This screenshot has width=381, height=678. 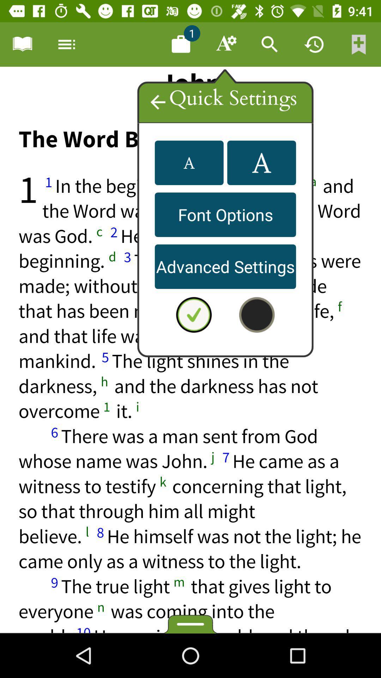 What do you see at coordinates (67, 44) in the screenshot?
I see `options` at bounding box center [67, 44].